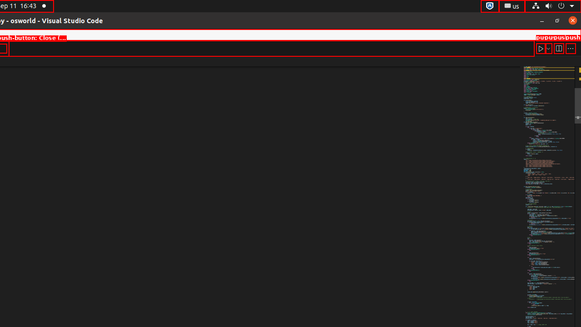 Image resolution: width=581 pixels, height=327 pixels. Describe the element at coordinates (512, 6) in the screenshot. I see `':1.21/StatusNotifierItem'` at that location.